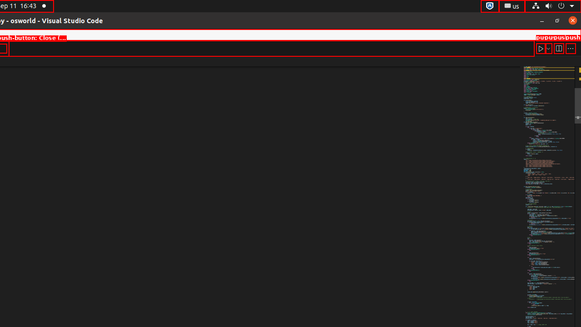 Image resolution: width=581 pixels, height=327 pixels. Describe the element at coordinates (512, 6) in the screenshot. I see `':1.21/StatusNotifierItem'` at that location.